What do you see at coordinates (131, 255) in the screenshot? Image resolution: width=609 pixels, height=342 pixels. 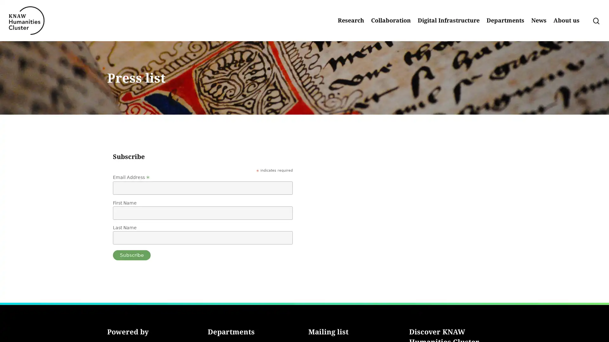 I see `Subscribe` at bounding box center [131, 255].